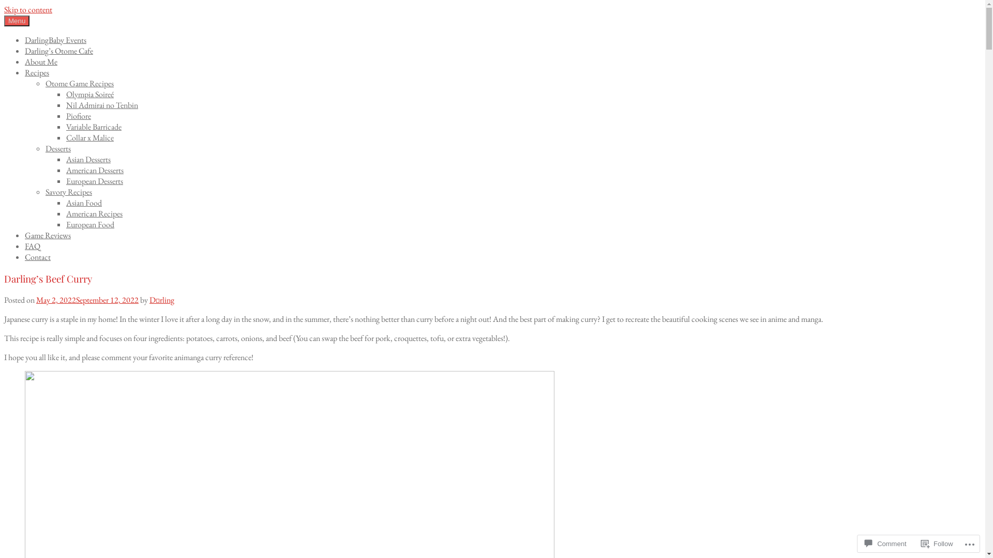 The height and width of the screenshot is (558, 993). I want to click on 'Contact', so click(37, 256).